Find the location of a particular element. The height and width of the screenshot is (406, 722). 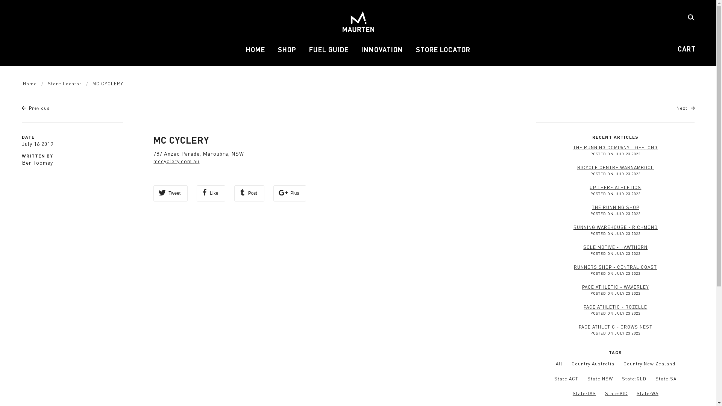

'PACE ATHLETIC - CROWS NEST' is located at coordinates (578, 326).